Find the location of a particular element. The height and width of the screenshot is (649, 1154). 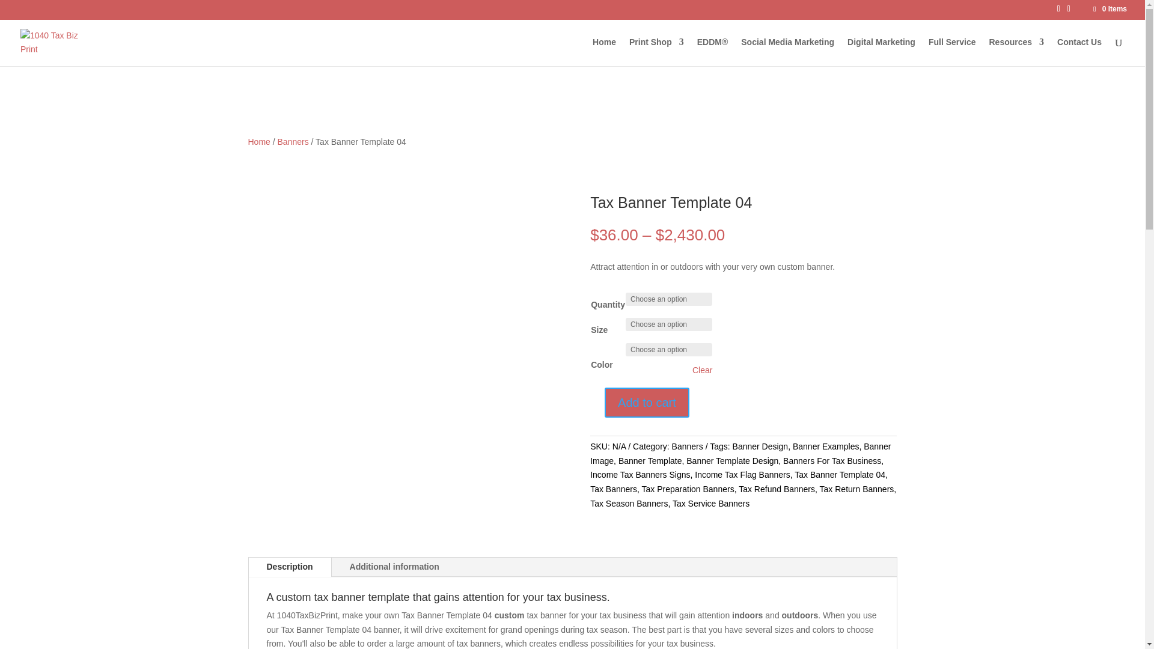

'Home' is located at coordinates (258, 141).